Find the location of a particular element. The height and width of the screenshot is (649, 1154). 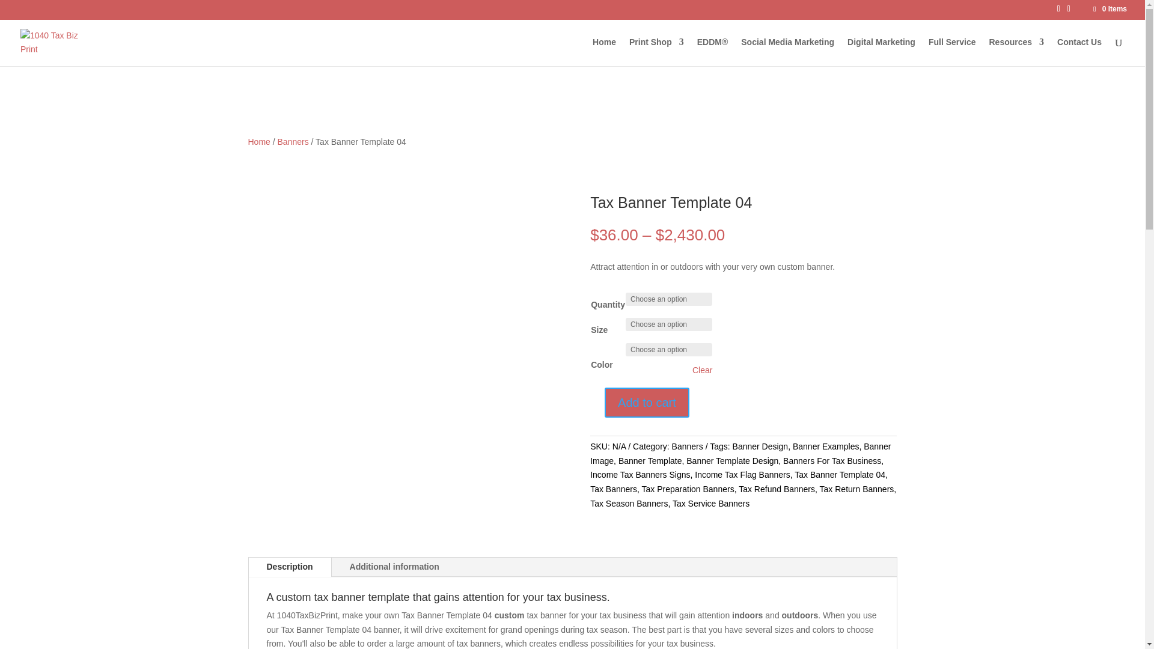

'Home' is located at coordinates (258, 141).